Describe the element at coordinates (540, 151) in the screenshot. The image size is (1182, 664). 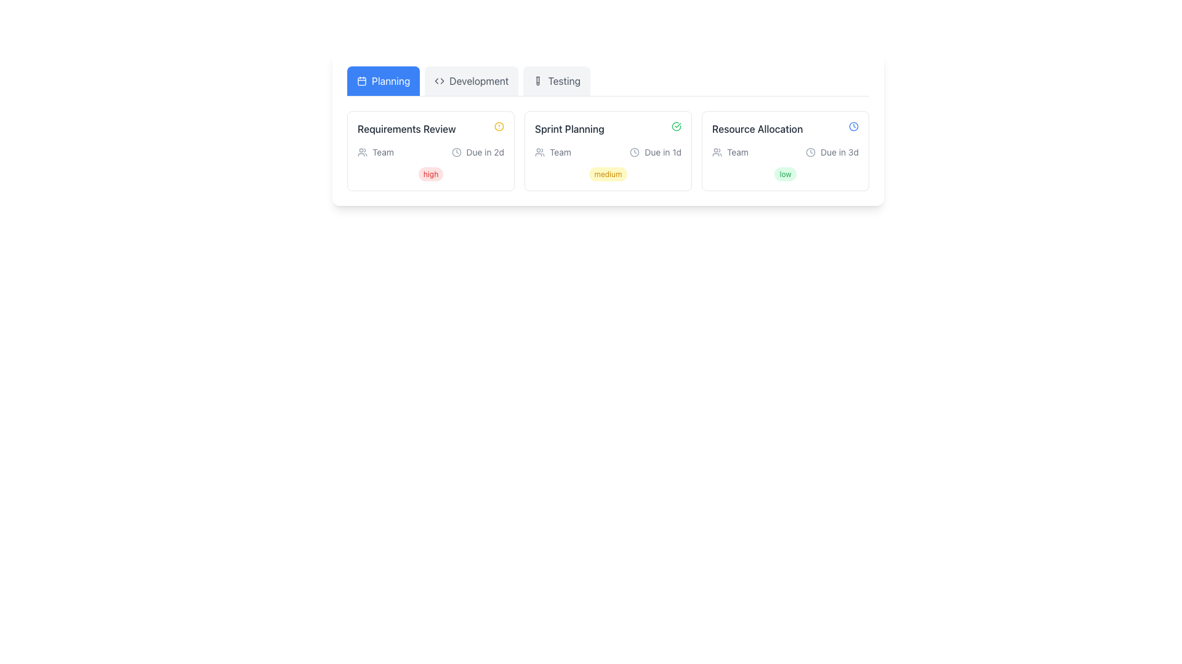
I see `the graphical icon representing a team, located to the left of the 'Team' label` at that location.